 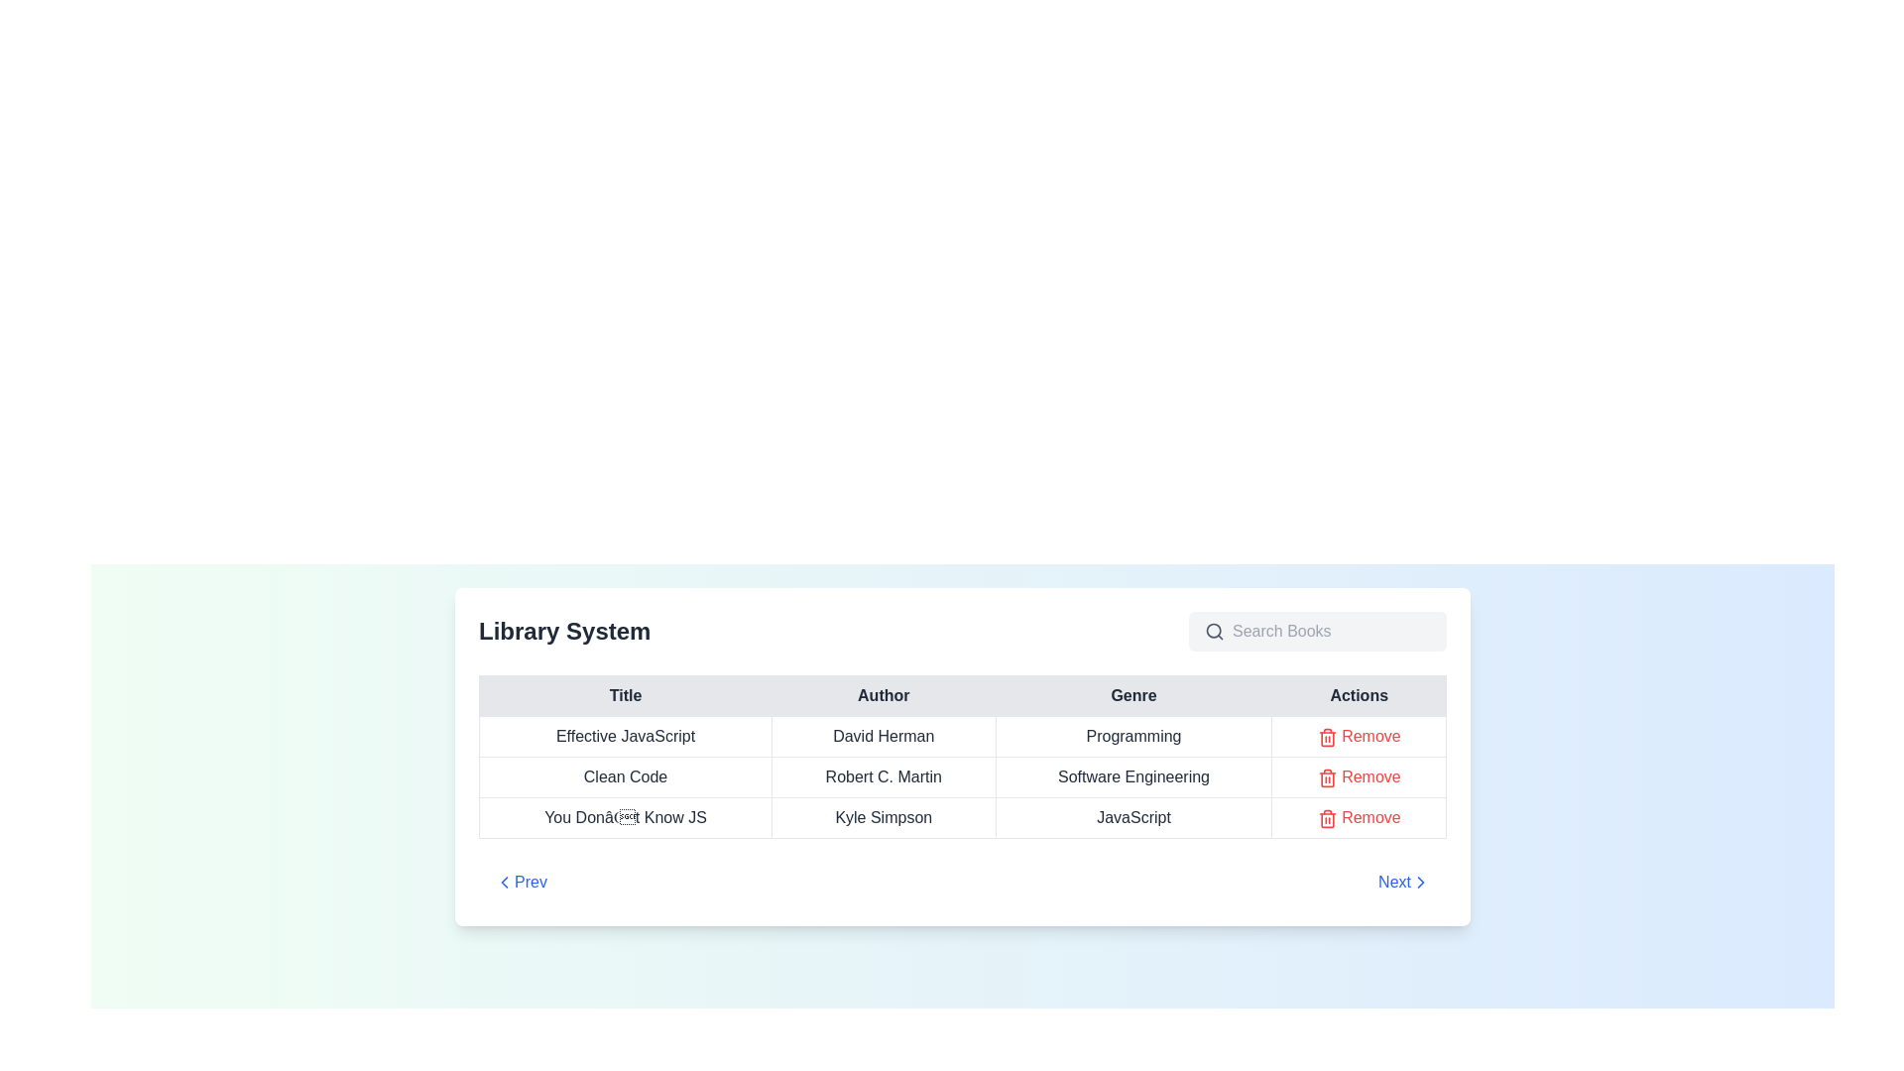 I want to click on the second cell in the 'Author' column of the data table that displays the author name for the book title 'Clean Code', so click(x=883, y=775).